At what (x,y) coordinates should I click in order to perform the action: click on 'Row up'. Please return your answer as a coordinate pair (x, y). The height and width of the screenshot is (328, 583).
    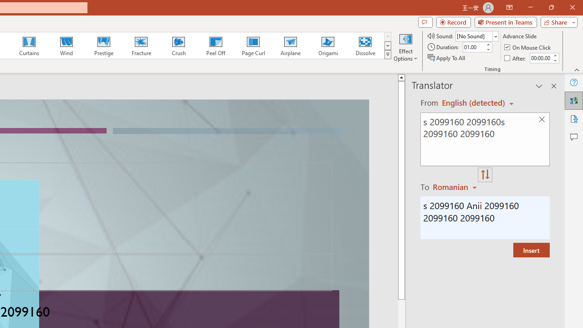
    Looking at the image, I should click on (388, 36).